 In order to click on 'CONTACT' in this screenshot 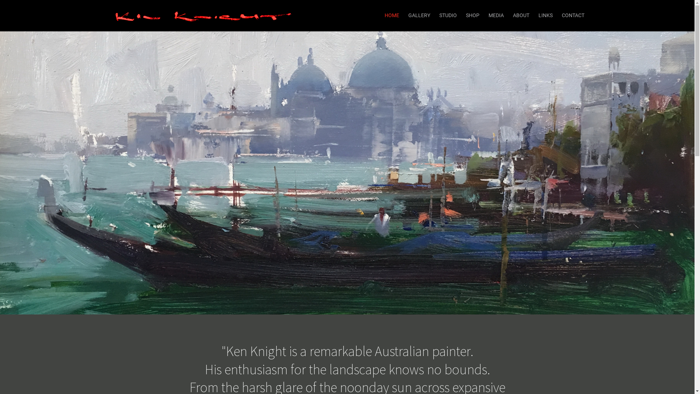, I will do `click(572, 15)`.